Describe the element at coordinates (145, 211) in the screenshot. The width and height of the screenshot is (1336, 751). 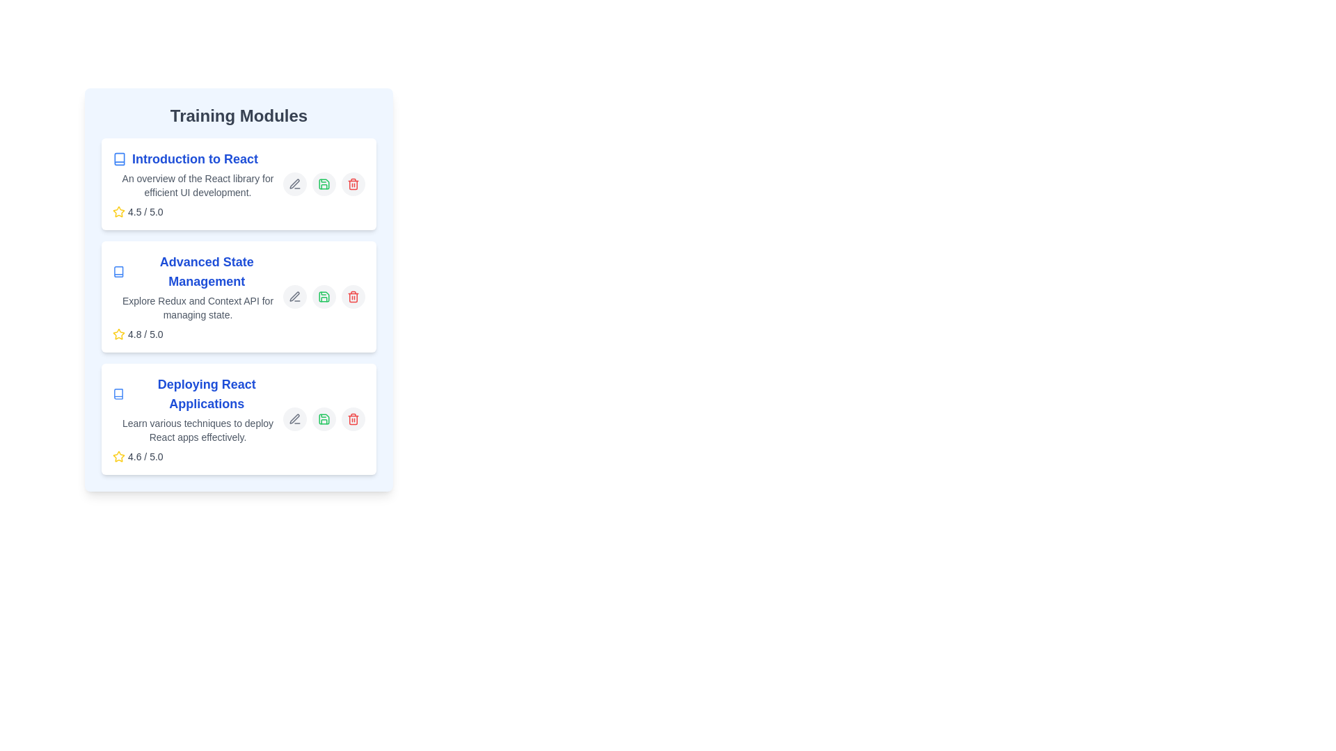
I see `the rating text display showing '4.5 / 5.0' located in the 'Introduction to React' module, adjacent to a yellow star symbol` at that location.